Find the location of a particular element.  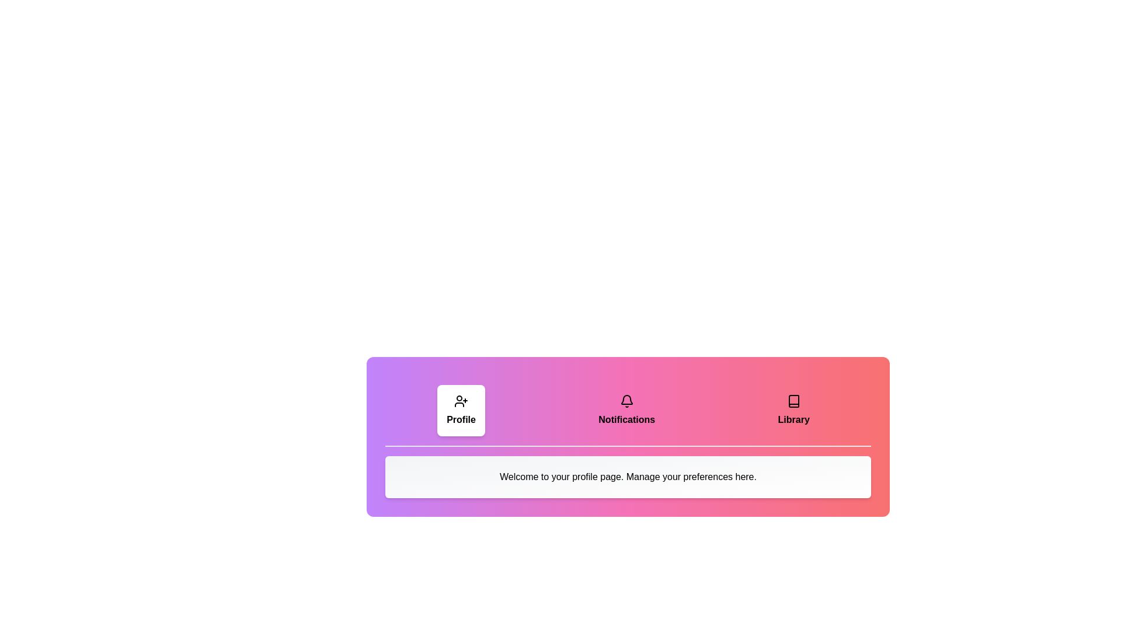

the tab labeled Library to observe the scaling effect is located at coordinates (793, 410).